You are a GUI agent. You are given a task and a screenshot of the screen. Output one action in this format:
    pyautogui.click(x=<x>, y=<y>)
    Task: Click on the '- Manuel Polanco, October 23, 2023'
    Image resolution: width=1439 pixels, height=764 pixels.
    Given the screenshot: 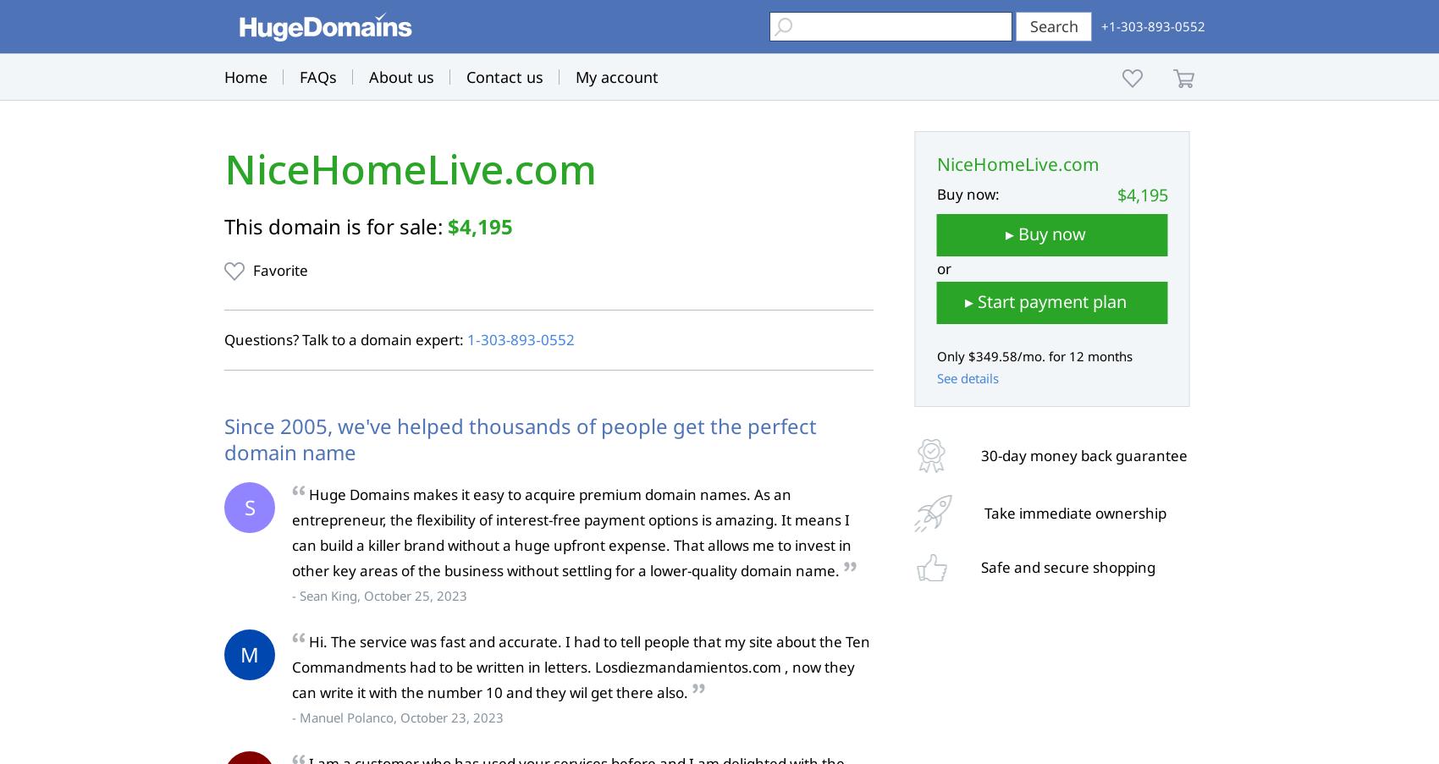 What is the action you would take?
    pyautogui.click(x=290, y=717)
    